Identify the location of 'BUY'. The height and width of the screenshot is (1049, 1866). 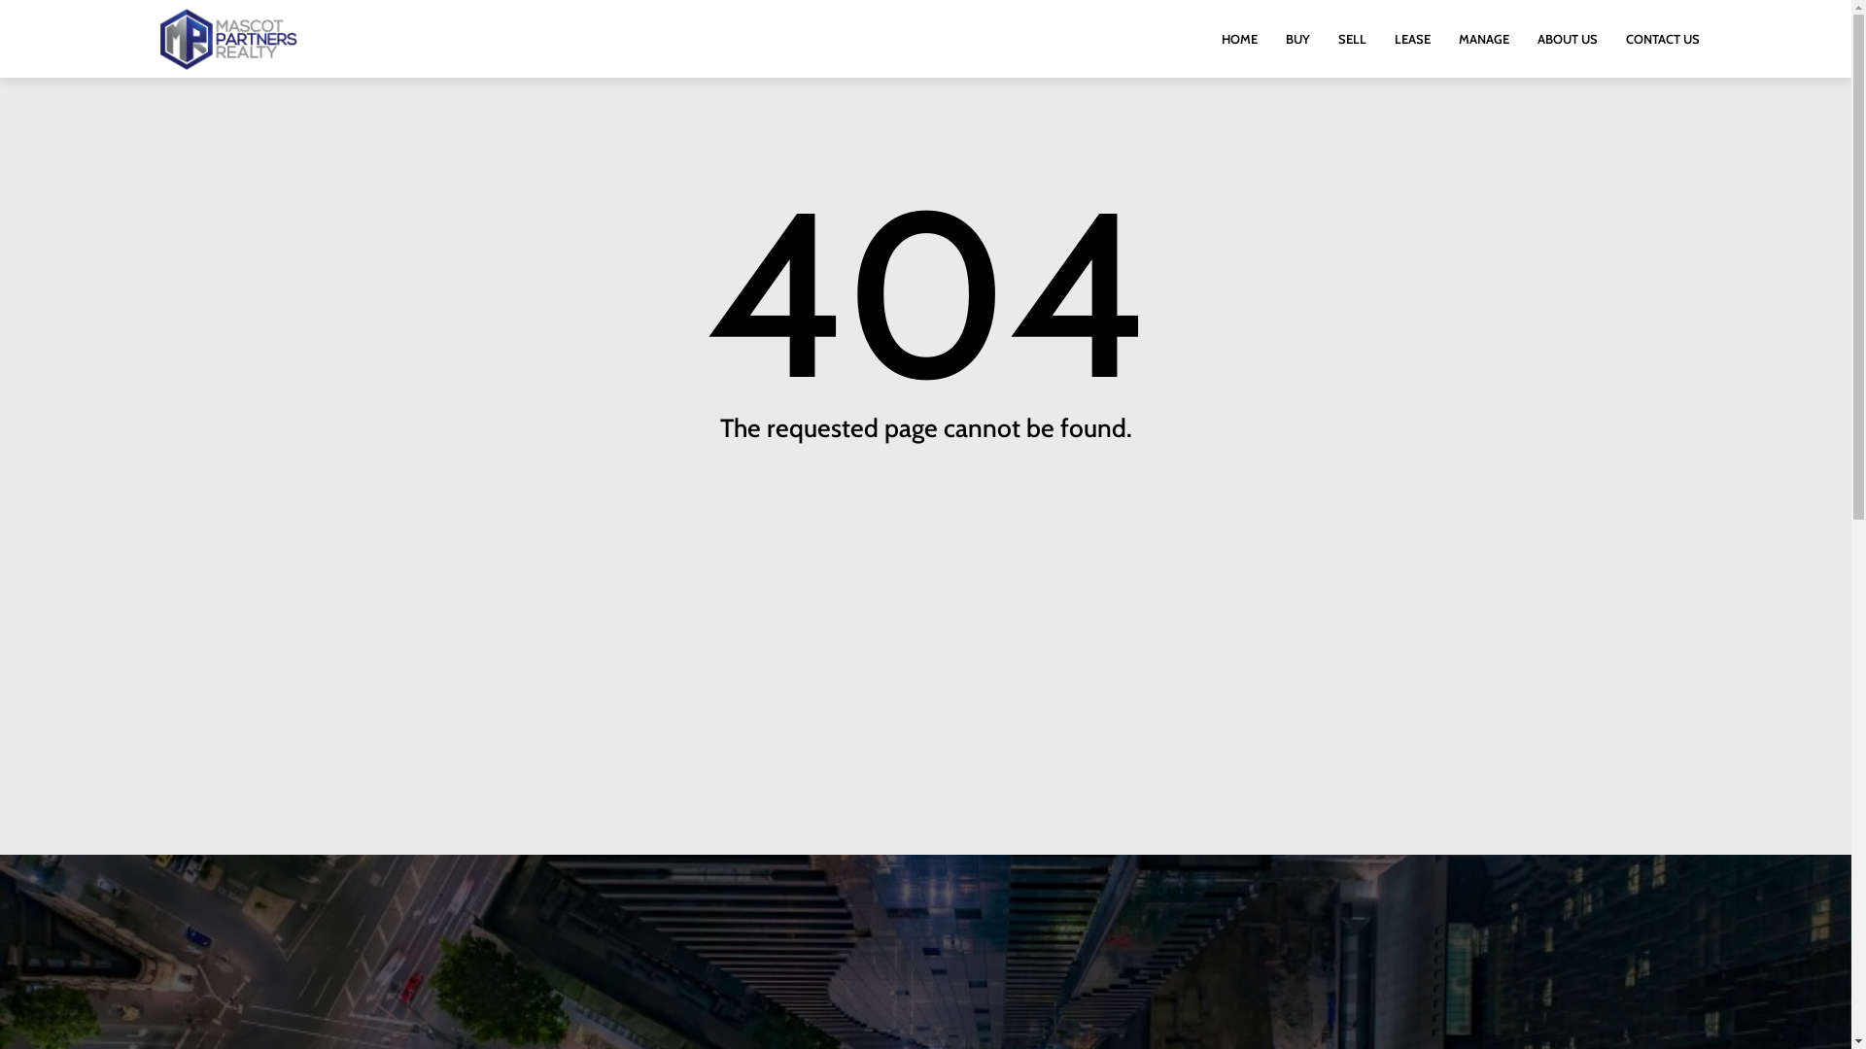
(1297, 38).